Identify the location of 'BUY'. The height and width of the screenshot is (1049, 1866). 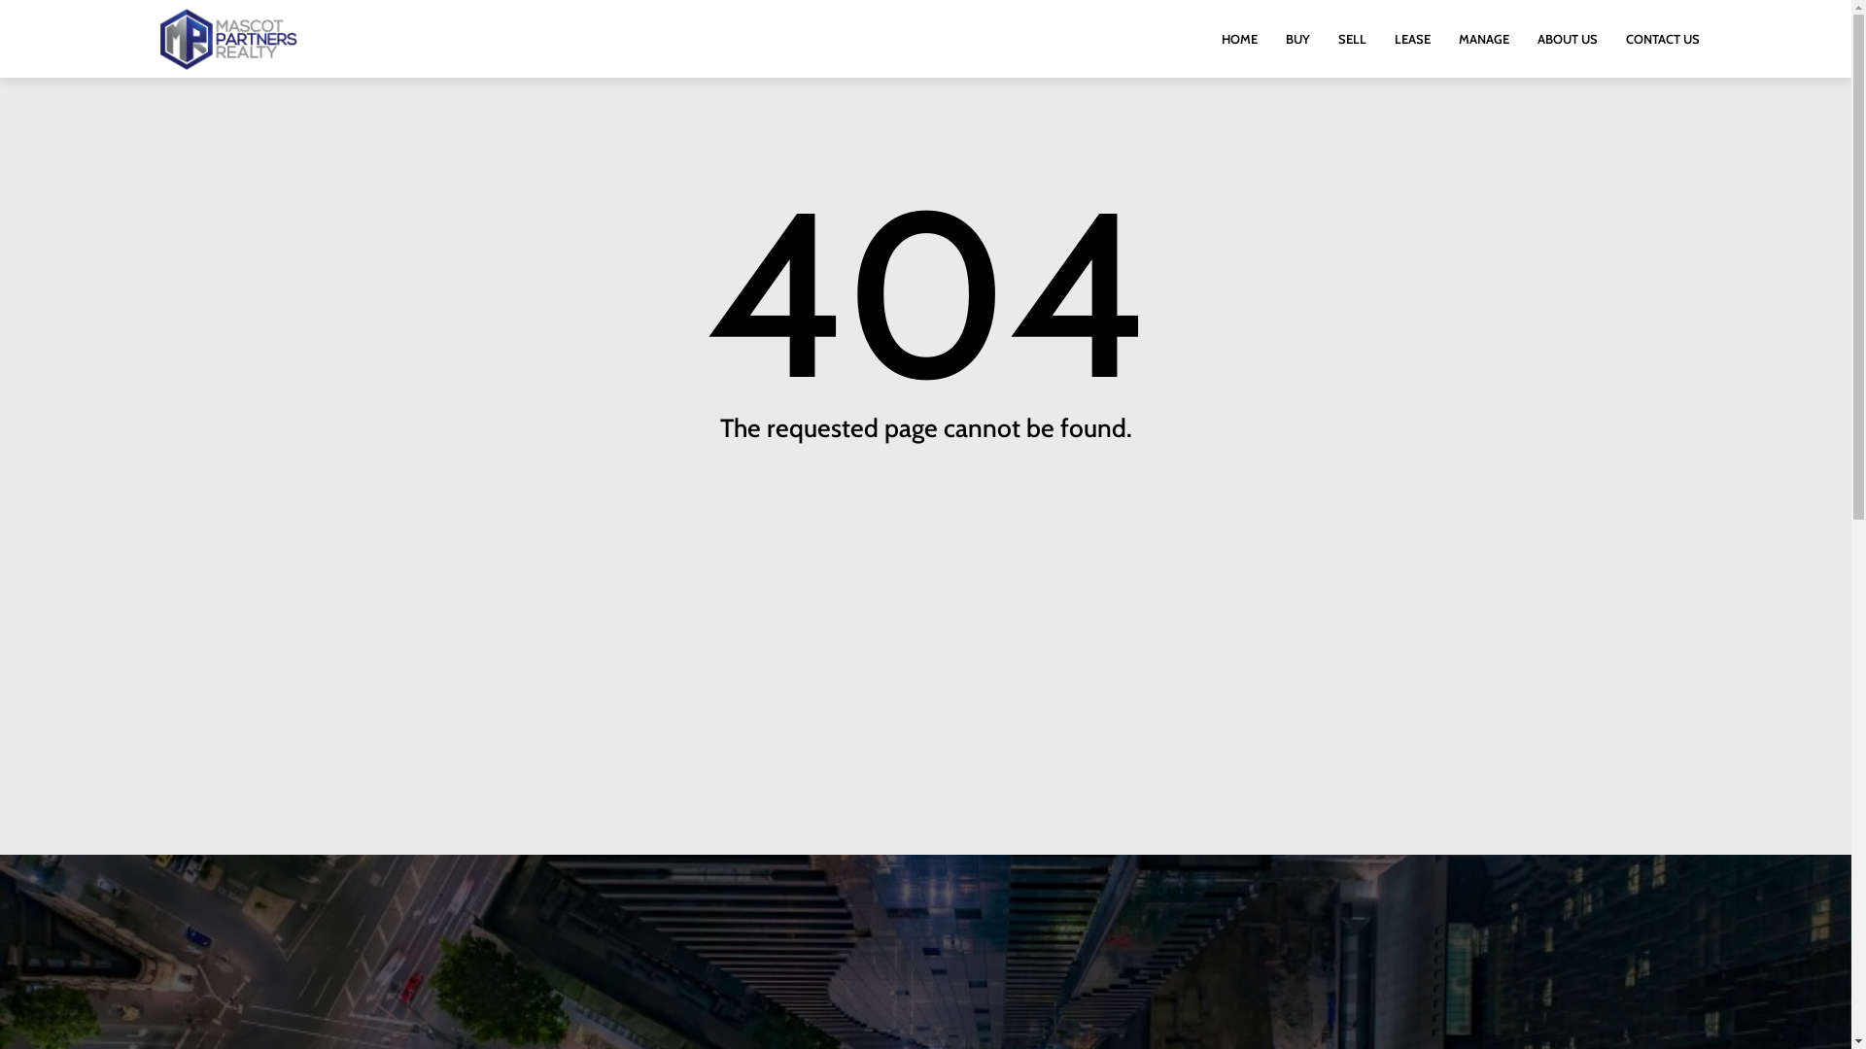
(1297, 38).